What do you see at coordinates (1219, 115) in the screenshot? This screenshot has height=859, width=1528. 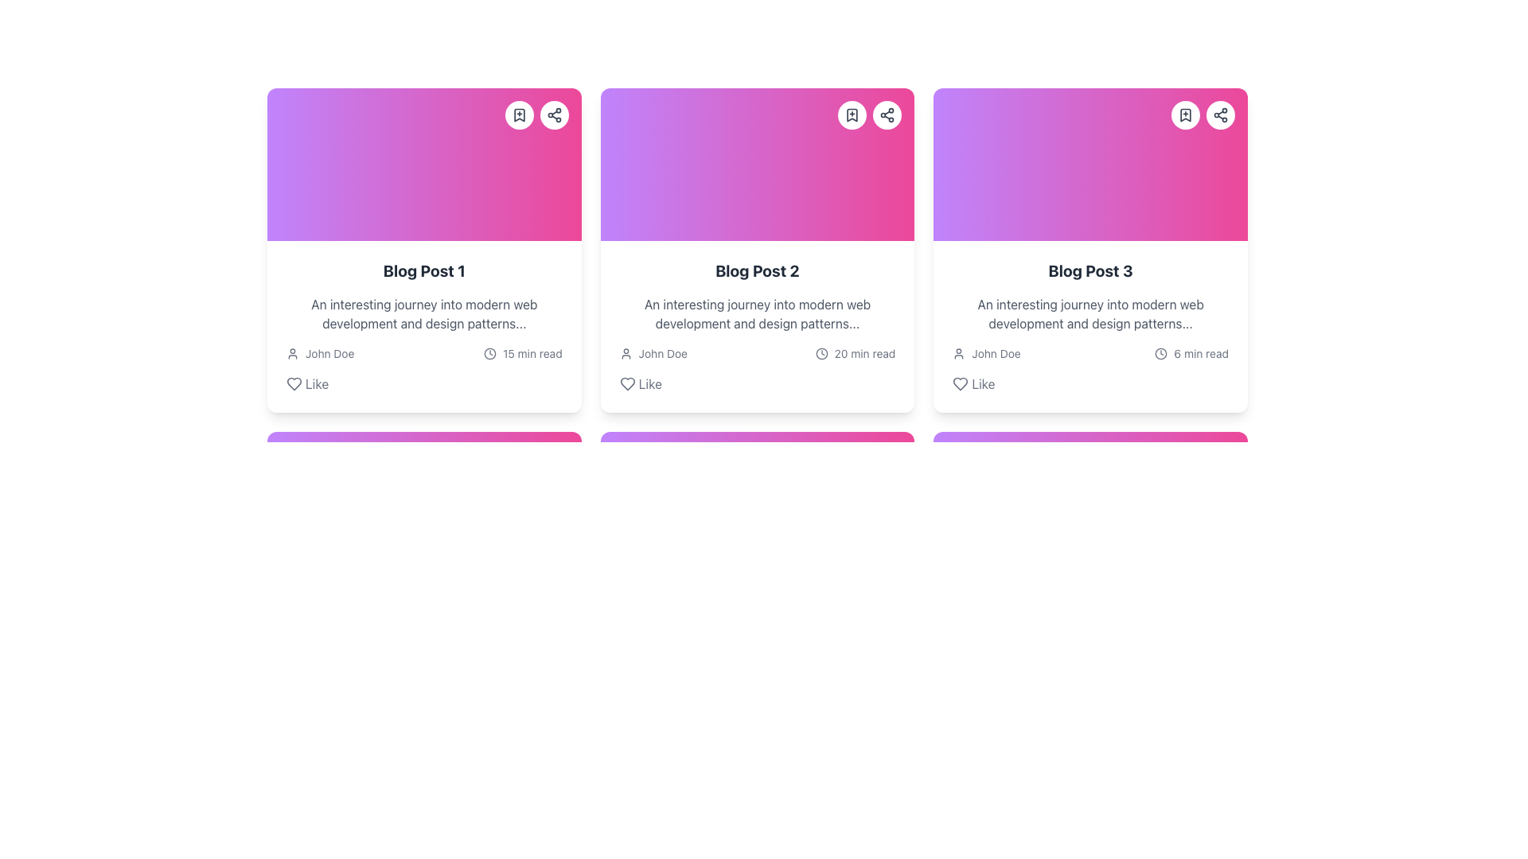 I see `the share icon located at the top-right corner of the third card` at bounding box center [1219, 115].